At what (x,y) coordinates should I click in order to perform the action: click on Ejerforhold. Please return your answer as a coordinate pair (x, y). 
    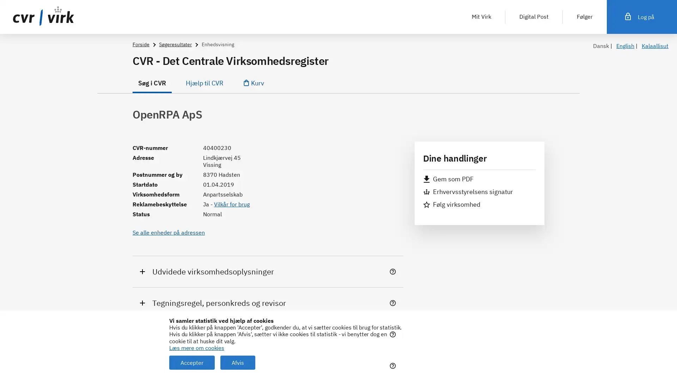
    Looking at the image, I should click on (267, 334).